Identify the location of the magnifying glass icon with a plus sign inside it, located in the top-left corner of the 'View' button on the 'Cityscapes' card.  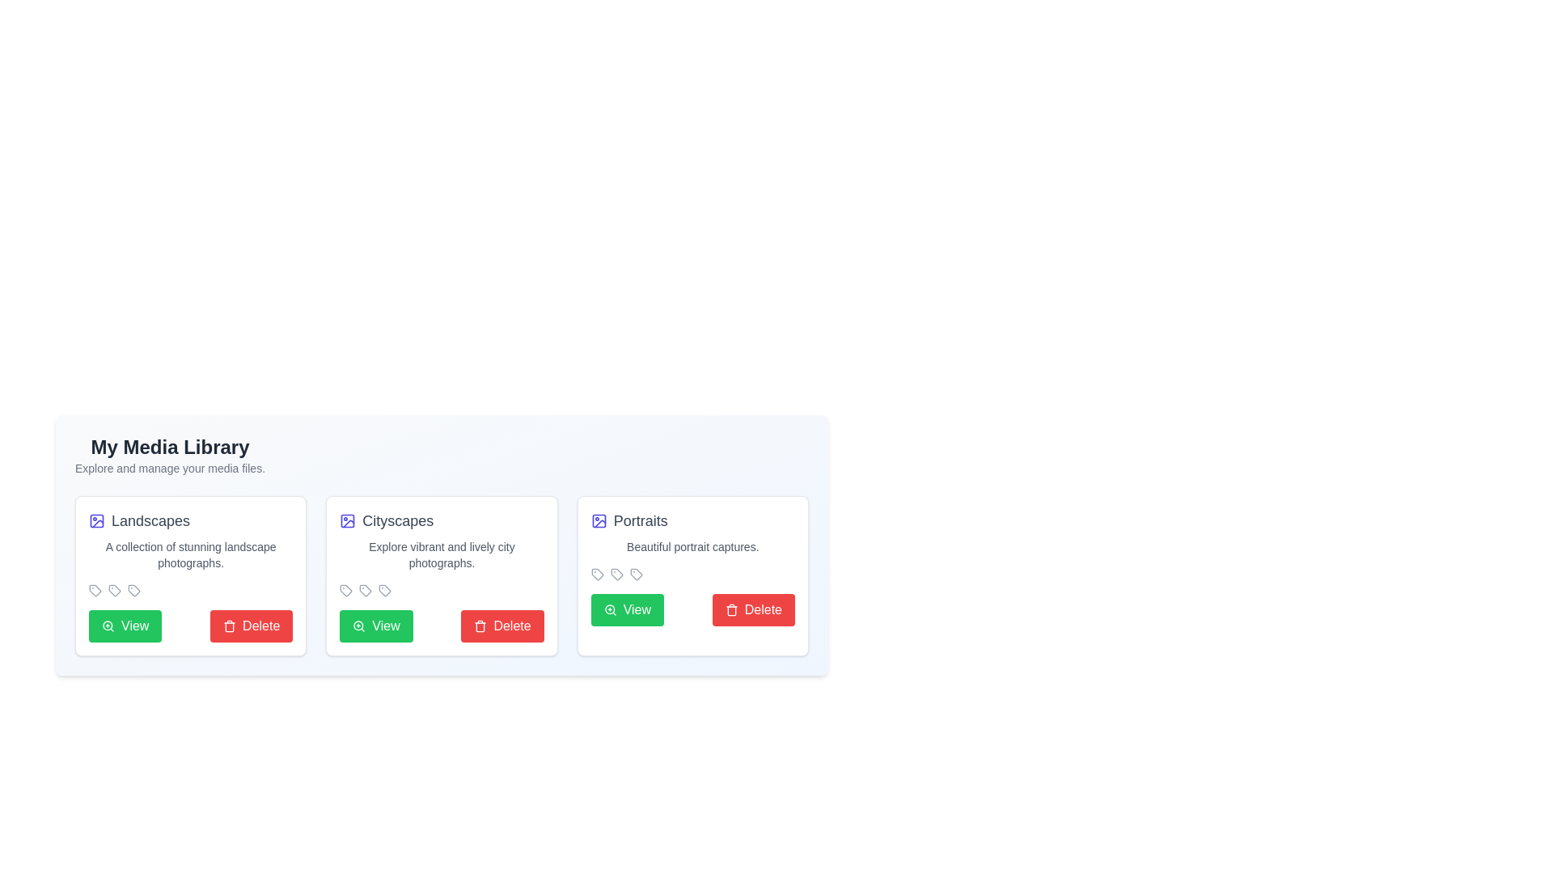
(358, 626).